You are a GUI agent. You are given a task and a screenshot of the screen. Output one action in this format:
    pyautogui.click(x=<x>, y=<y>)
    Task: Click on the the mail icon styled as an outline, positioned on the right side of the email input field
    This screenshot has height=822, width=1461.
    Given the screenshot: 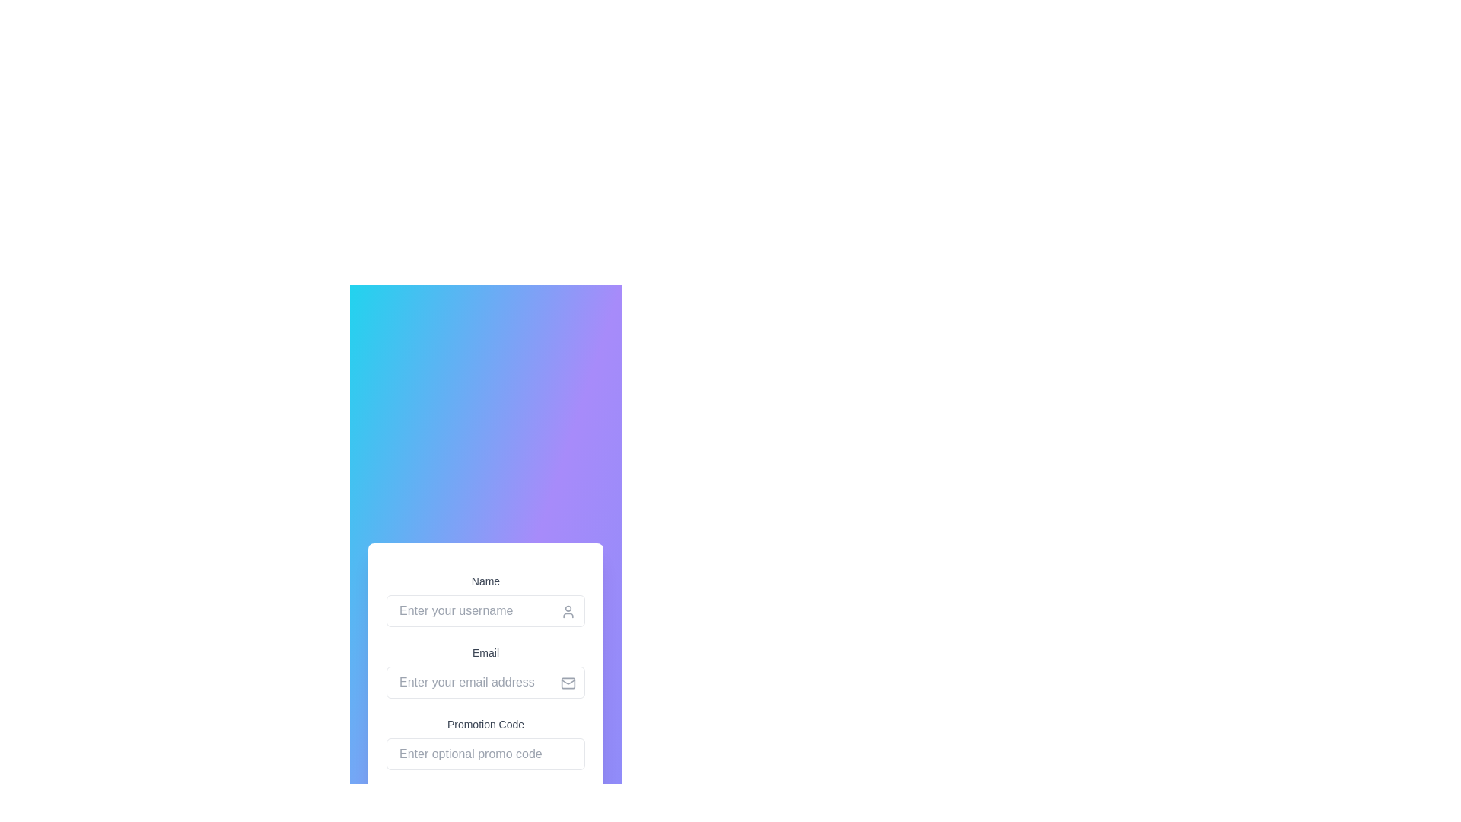 What is the action you would take?
    pyautogui.click(x=568, y=683)
    